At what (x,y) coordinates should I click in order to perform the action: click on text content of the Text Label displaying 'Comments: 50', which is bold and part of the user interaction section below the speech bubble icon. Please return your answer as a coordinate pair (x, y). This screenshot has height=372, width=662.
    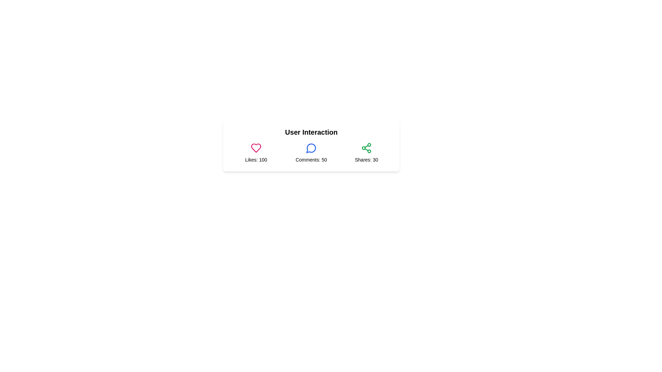
    Looking at the image, I should click on (311, 159).